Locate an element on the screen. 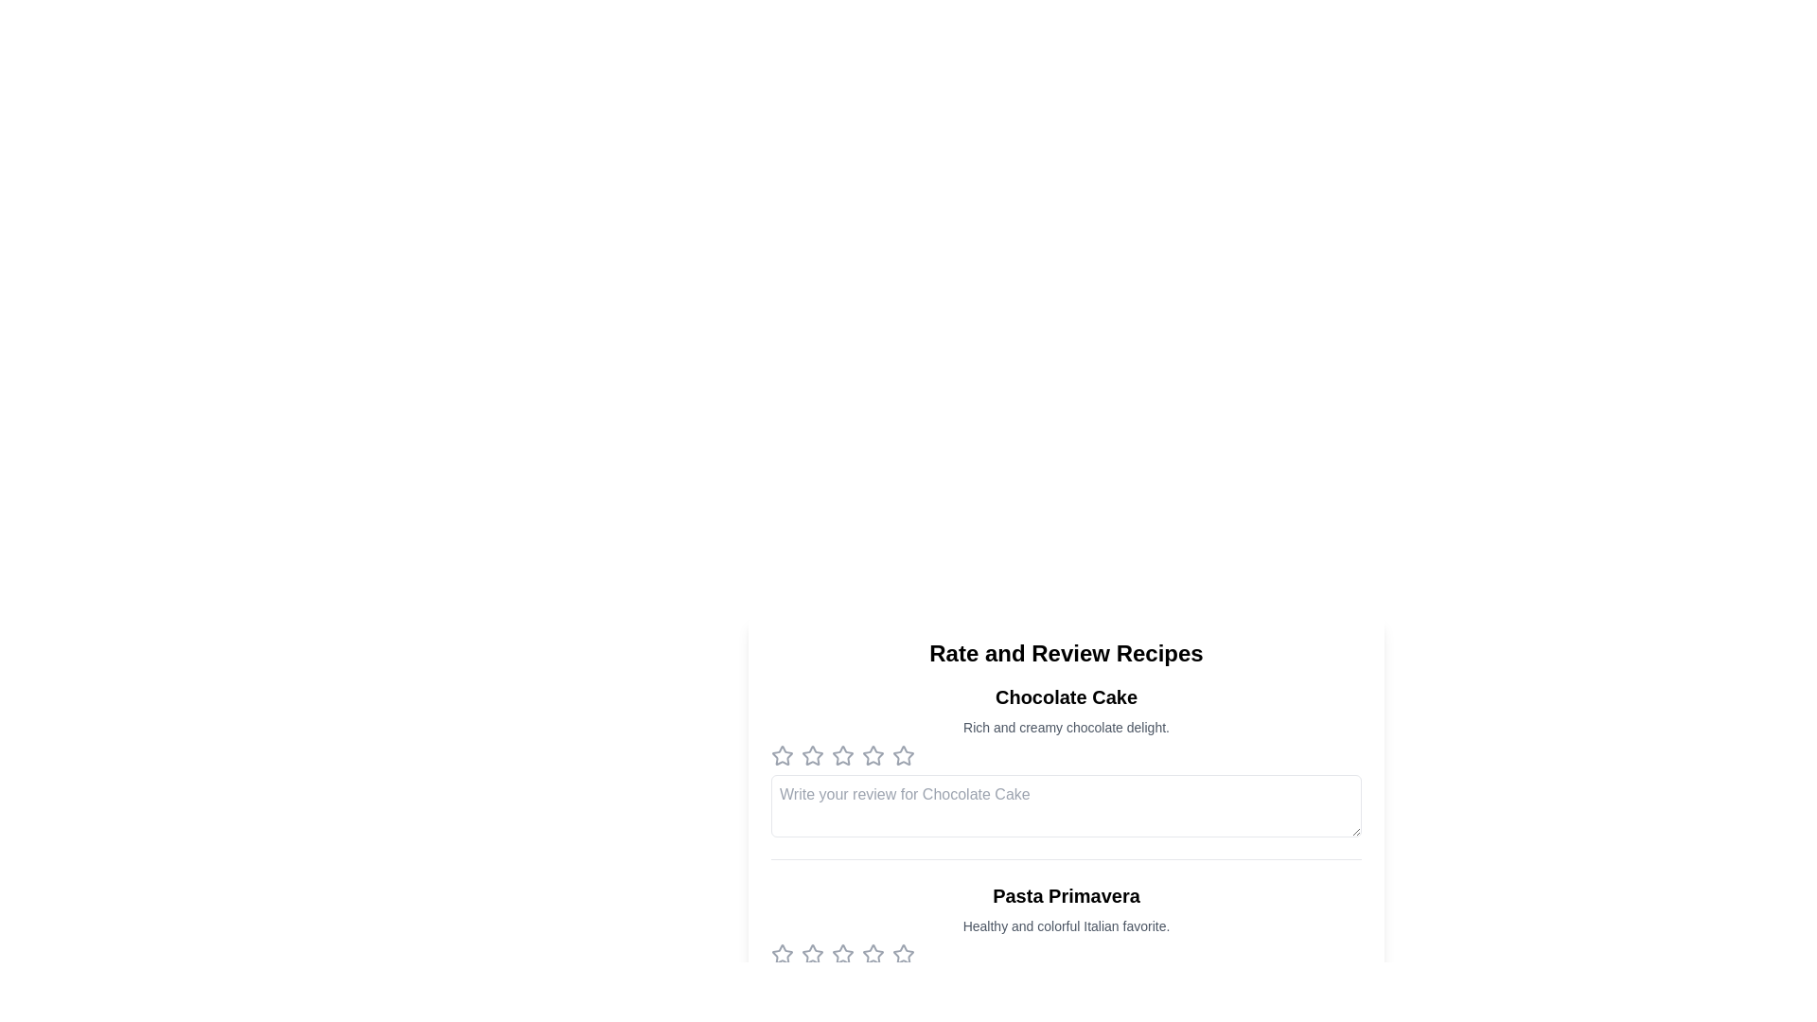  to select the fourth star icon in the rating system under the 'Chocolate Cake' heading, which is a star-shaped icon with a hollow center and grayish outline is located at coordinates (872, 754).